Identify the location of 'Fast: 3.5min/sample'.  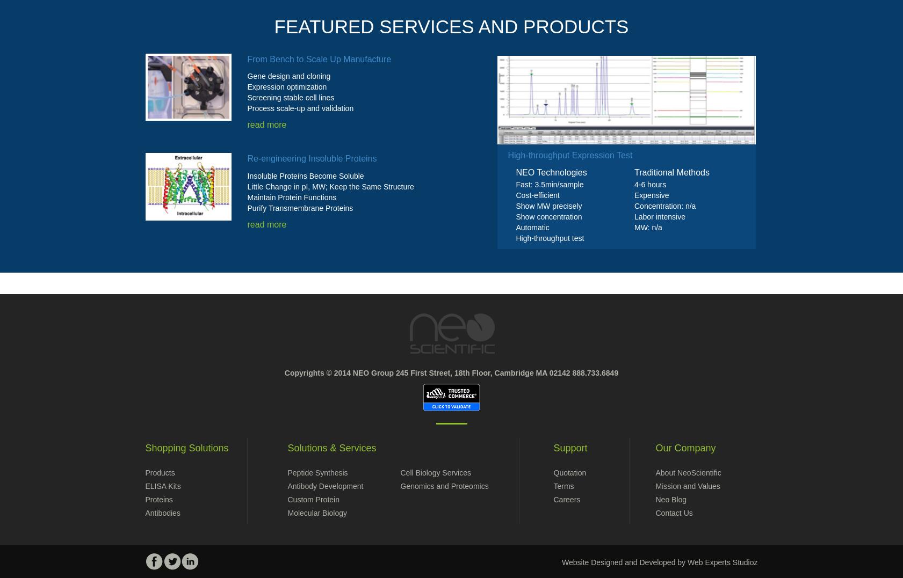
(550, 184).